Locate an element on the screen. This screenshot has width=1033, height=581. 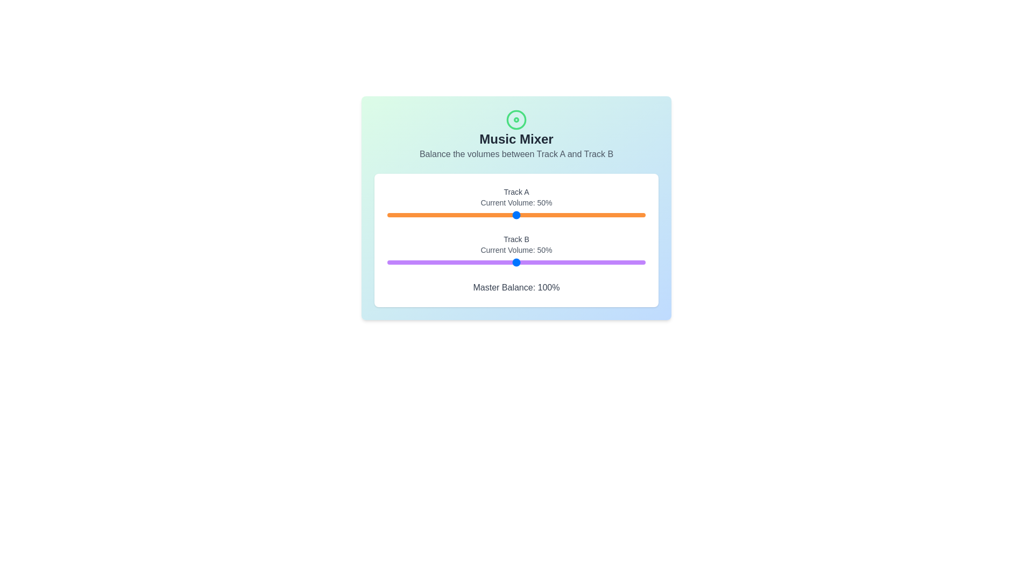
the volume slider for Track B to 86% is located at coordinates (609, 263).